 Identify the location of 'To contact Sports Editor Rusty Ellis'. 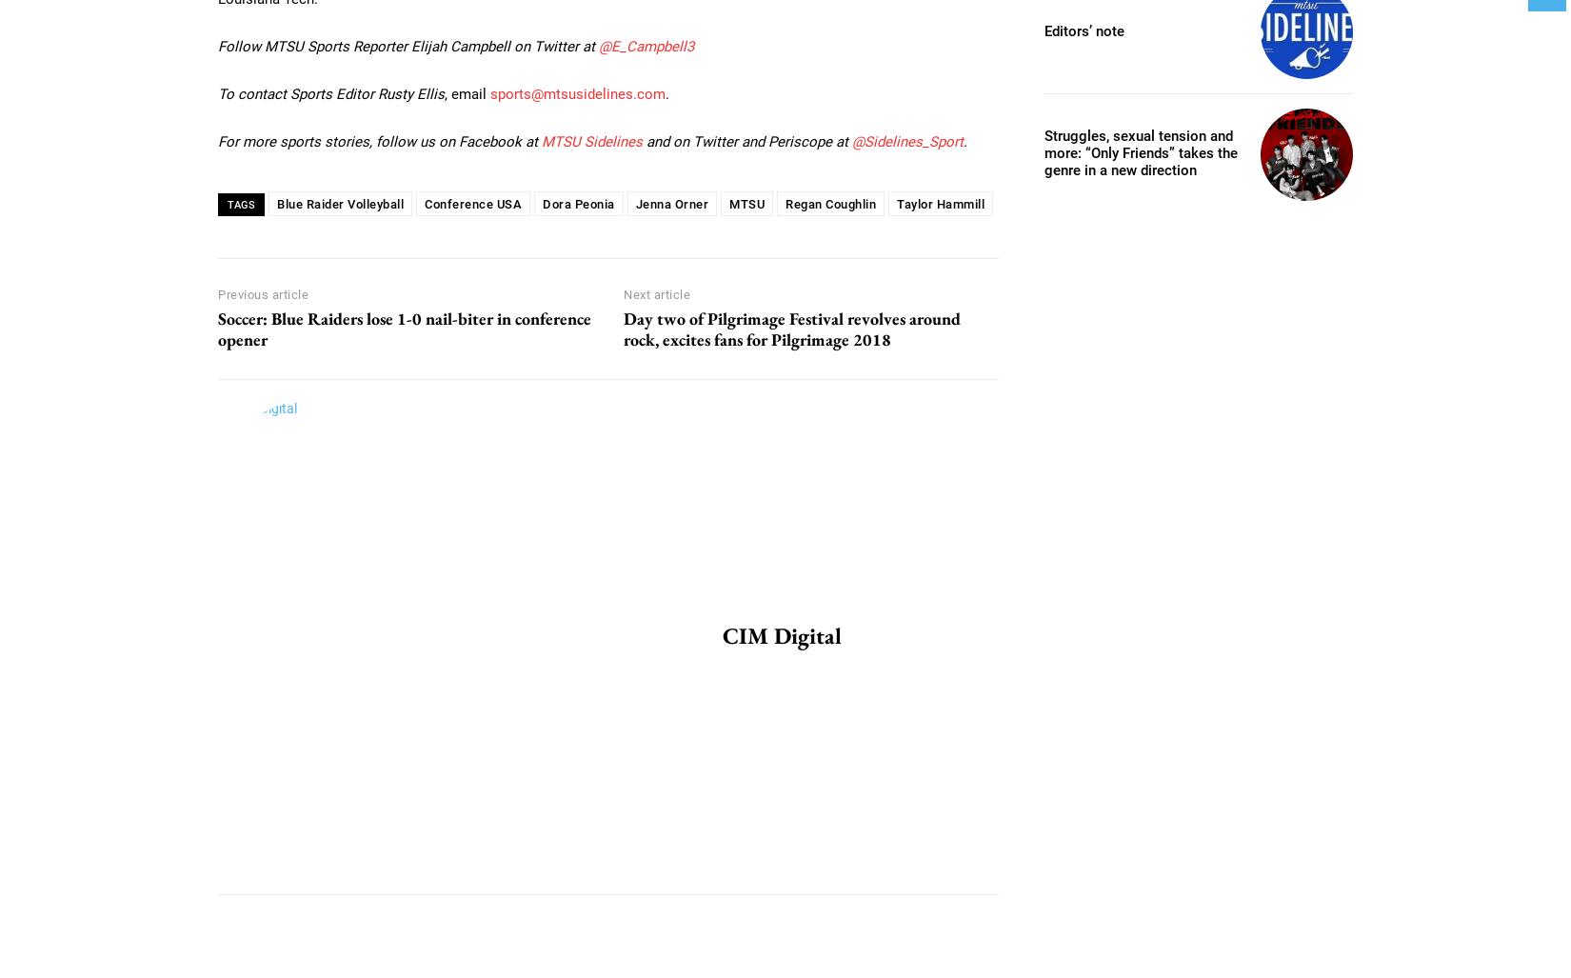
(218, 91).